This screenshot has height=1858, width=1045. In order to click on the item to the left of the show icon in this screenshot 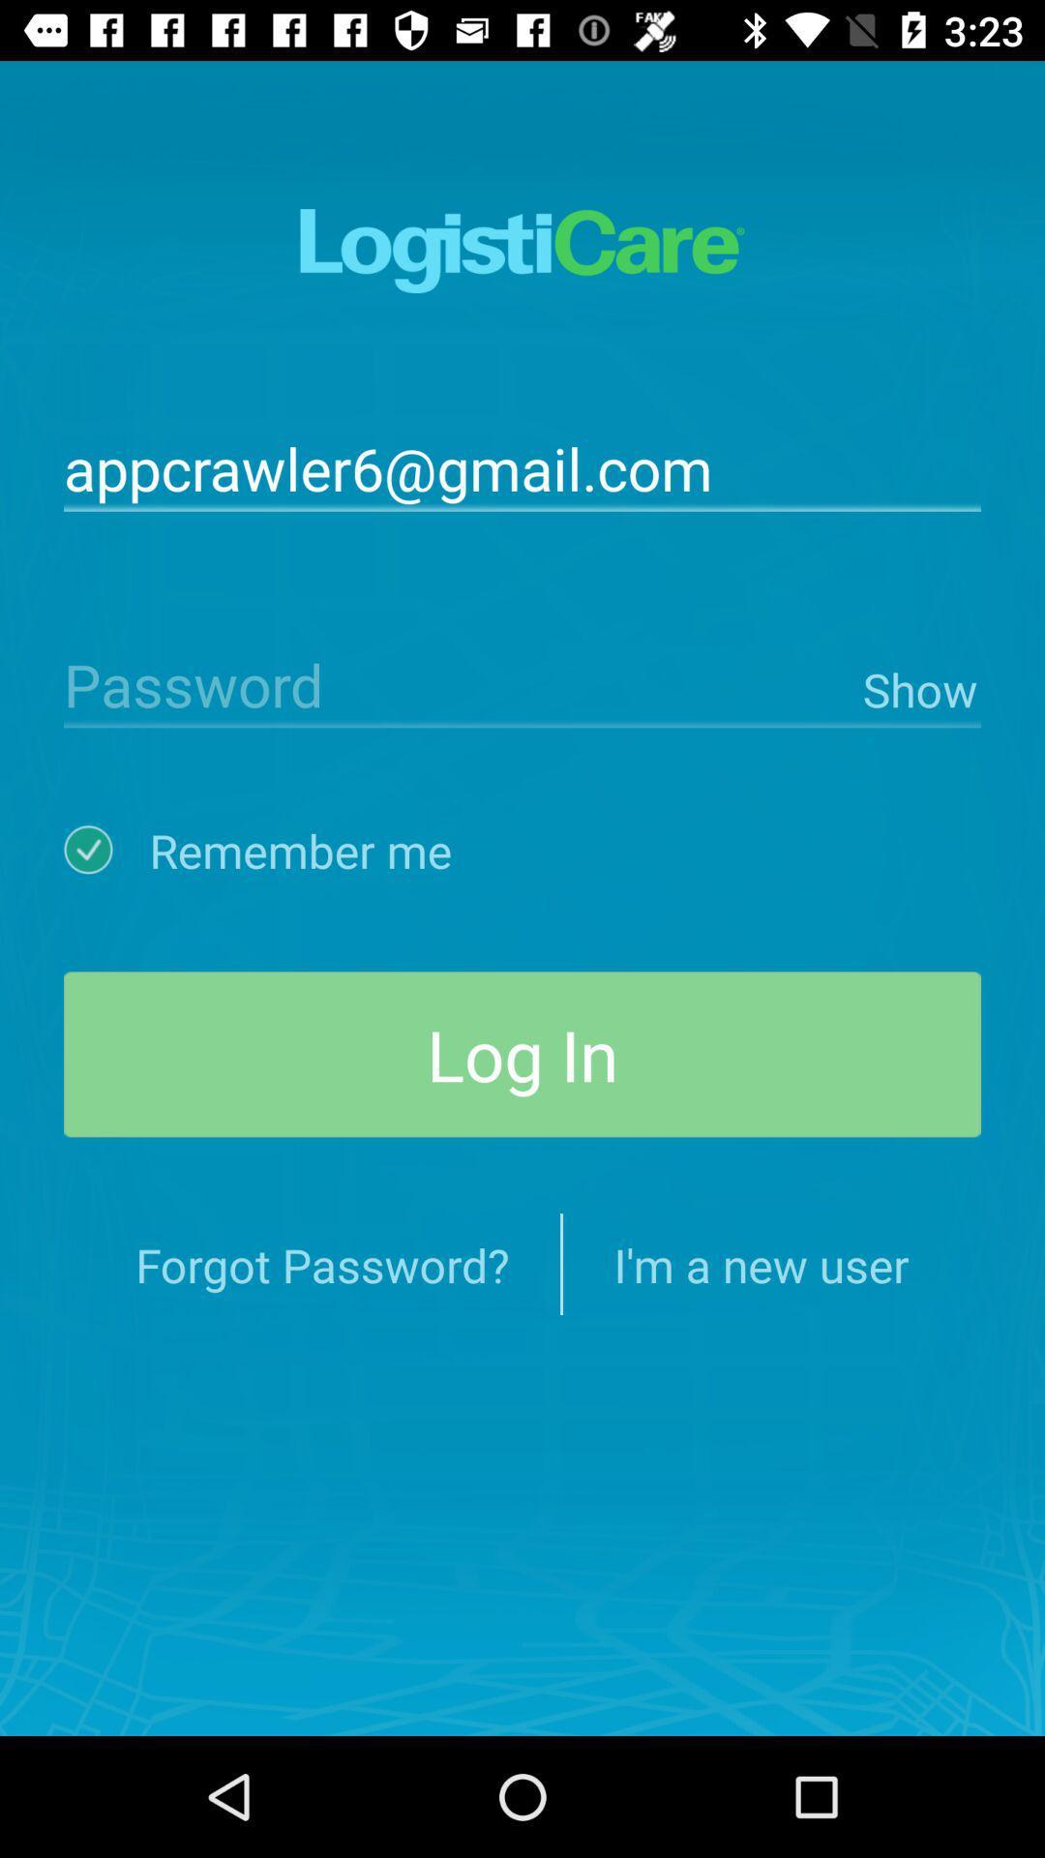, I will do `click(459, 683)`.